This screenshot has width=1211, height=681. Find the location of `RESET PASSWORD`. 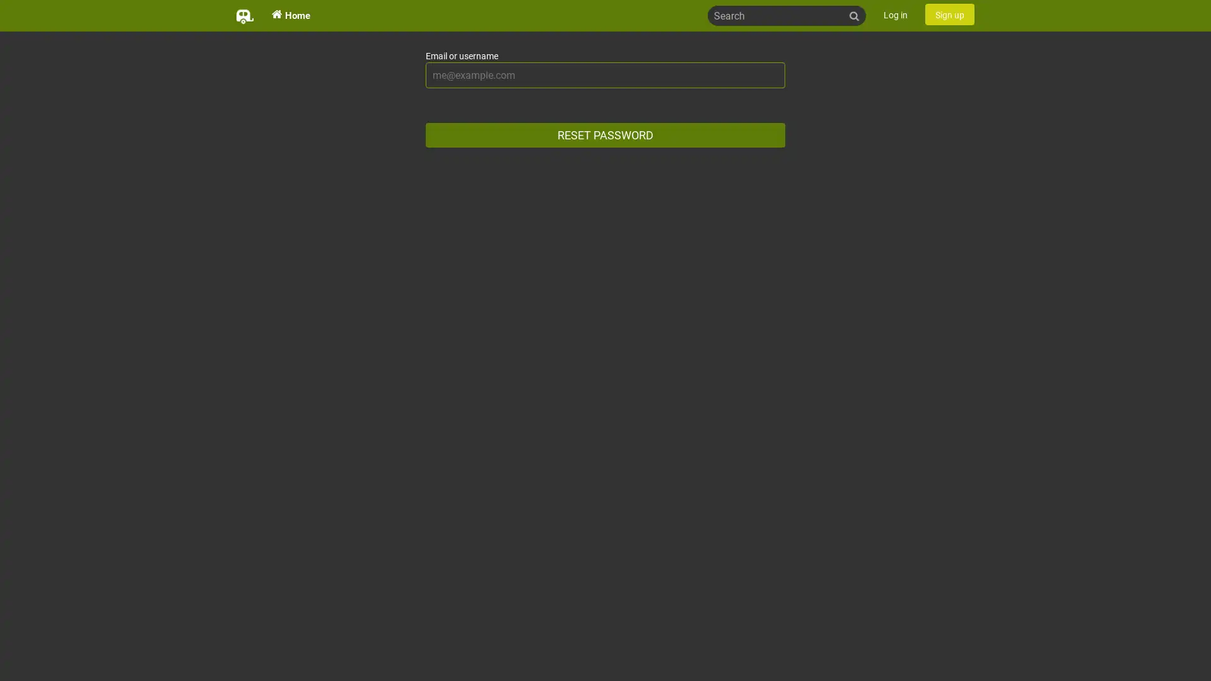

RESET PASSWORD is located at coordinates (605, 135).